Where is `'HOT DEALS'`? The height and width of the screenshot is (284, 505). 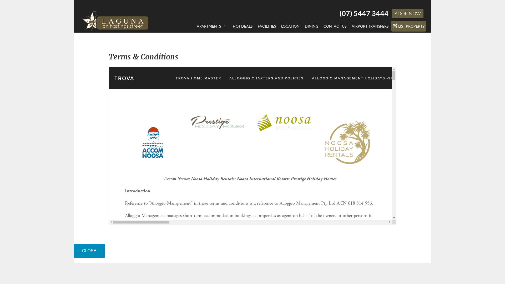 'HOT DEALS' is located at coordinates (230, 26).